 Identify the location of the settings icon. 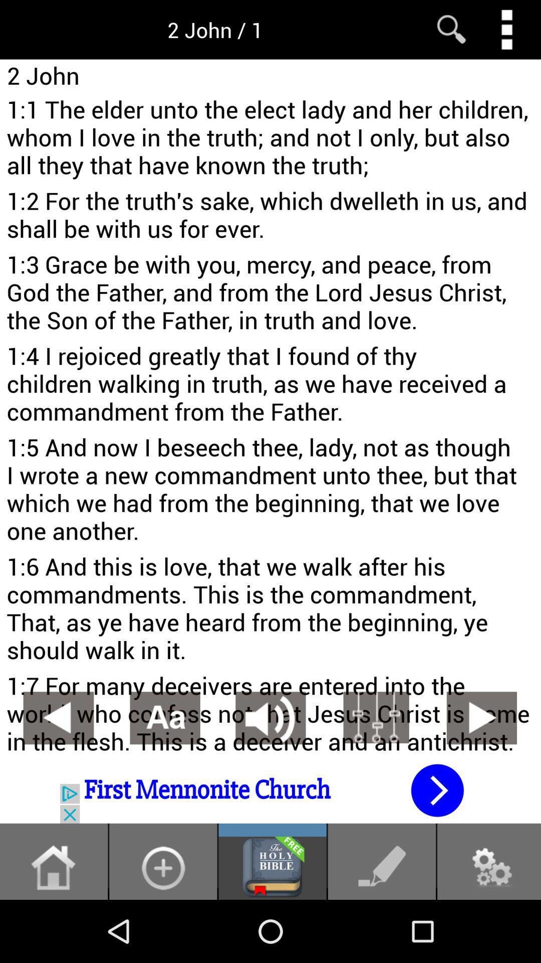
(488, 928).